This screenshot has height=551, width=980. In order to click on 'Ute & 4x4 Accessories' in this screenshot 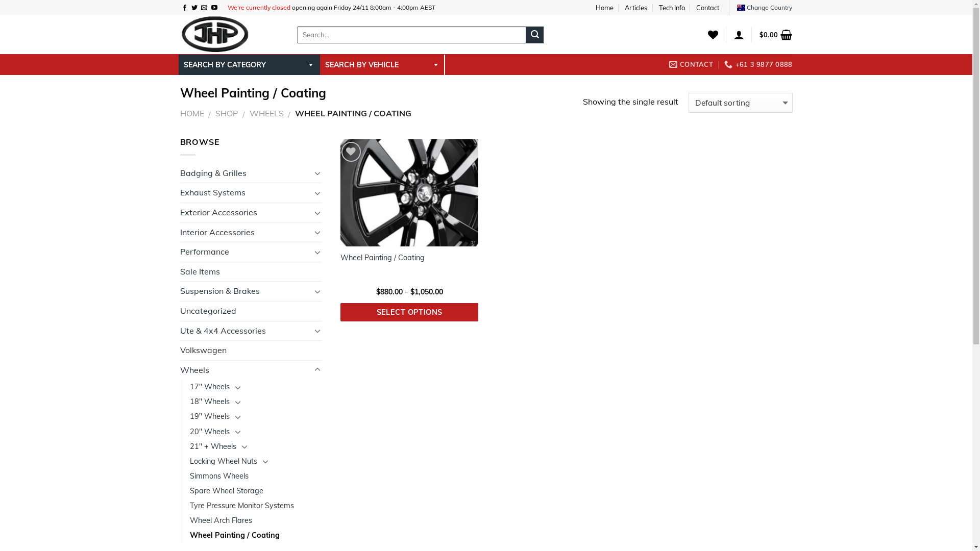, I will do `click(245, 331)`.